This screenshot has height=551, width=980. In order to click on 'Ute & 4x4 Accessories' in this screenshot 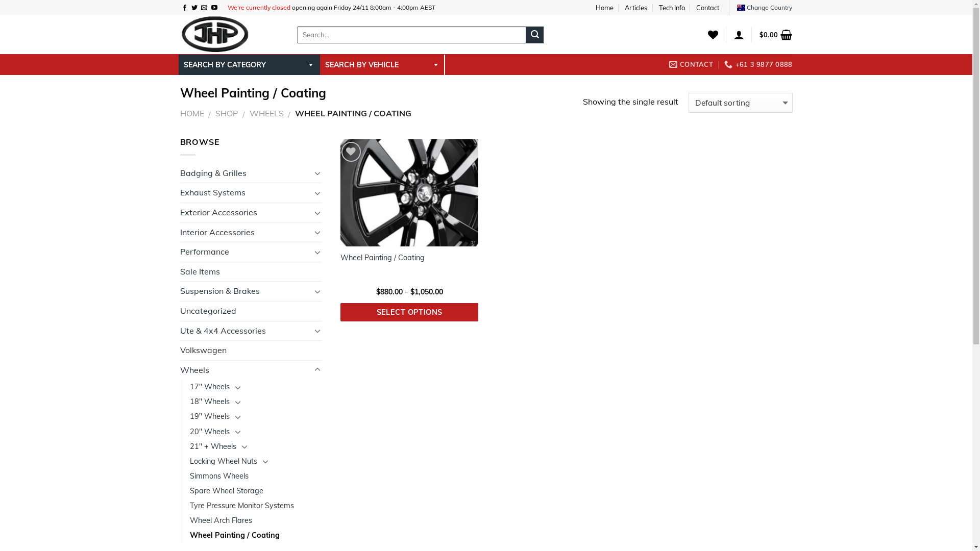, I will do `click(245, 331)`.